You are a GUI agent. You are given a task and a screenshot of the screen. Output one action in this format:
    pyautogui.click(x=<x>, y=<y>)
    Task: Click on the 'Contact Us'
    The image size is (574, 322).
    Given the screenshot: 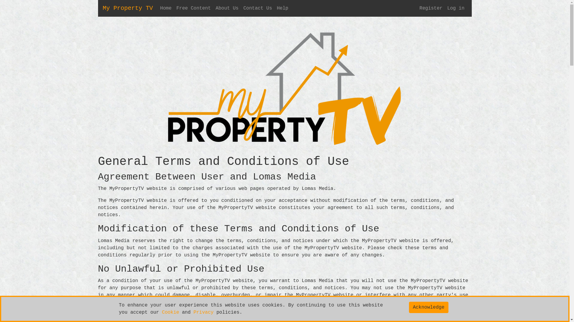 What is the action you would take?
    pyautogui.click(x=258, y=8)
    